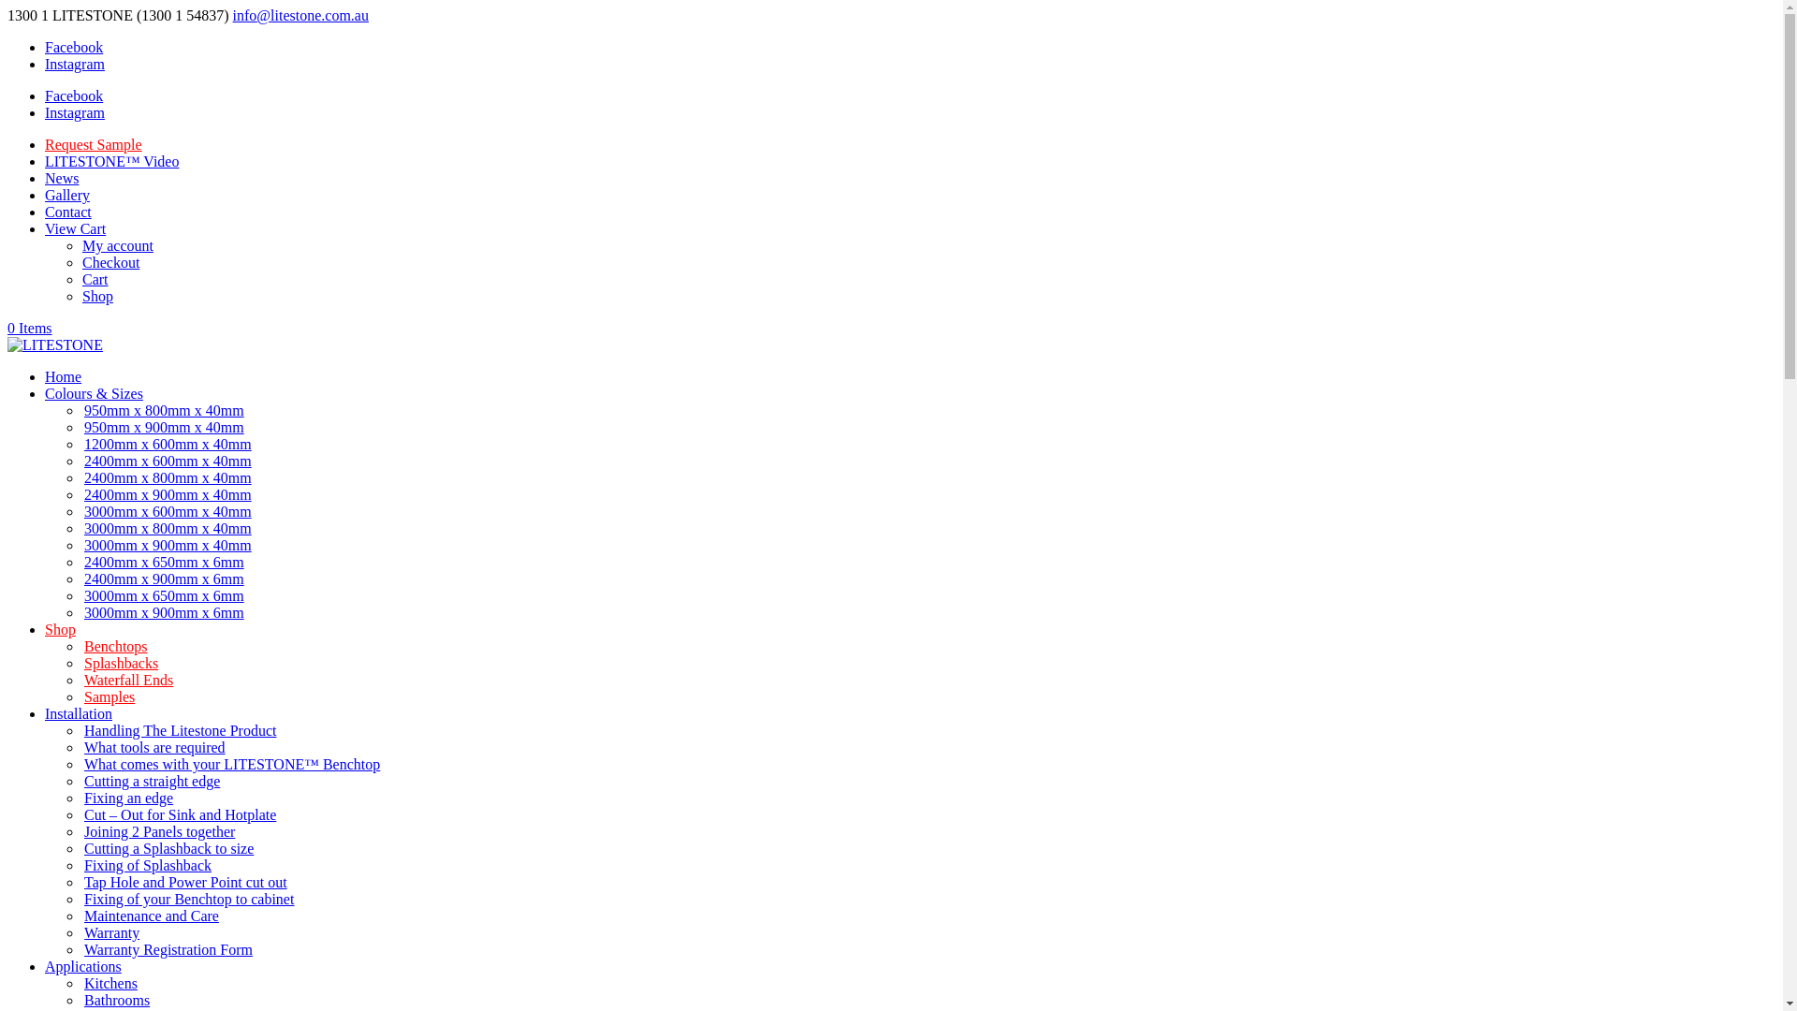 The image size is (1797, 1011). Describe the element at coordinates (80, 949) in the screenshot. I see `'Warranty Registration Form'` at that location.